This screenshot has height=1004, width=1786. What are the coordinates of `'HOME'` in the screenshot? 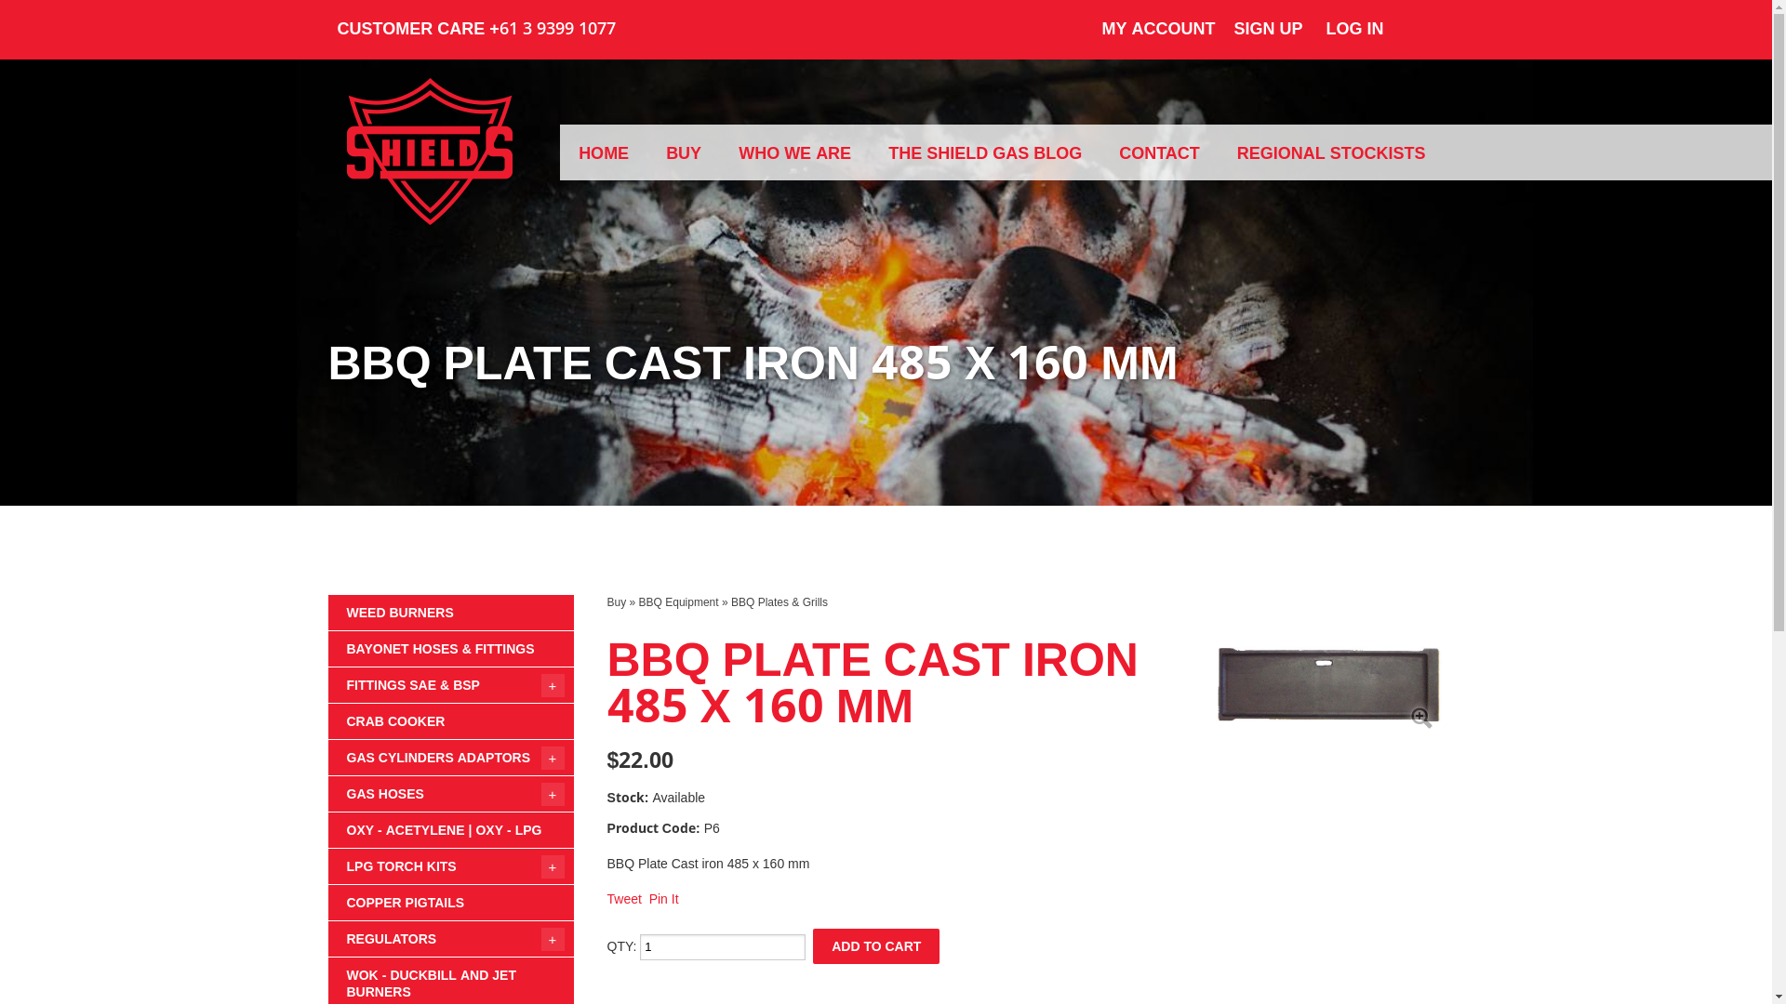 It's located at (603, 152).